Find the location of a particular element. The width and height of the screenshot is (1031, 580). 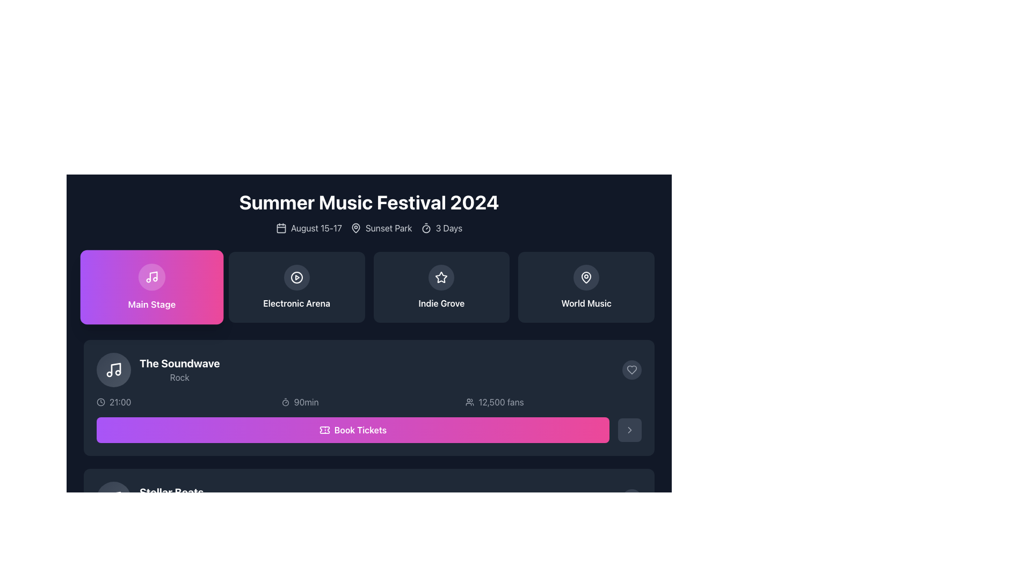

the small ticket icon located on the left side of the 'Book Tickets' button, which is centered at the bottom of the concert information segment is located at coordinates (324, 430).